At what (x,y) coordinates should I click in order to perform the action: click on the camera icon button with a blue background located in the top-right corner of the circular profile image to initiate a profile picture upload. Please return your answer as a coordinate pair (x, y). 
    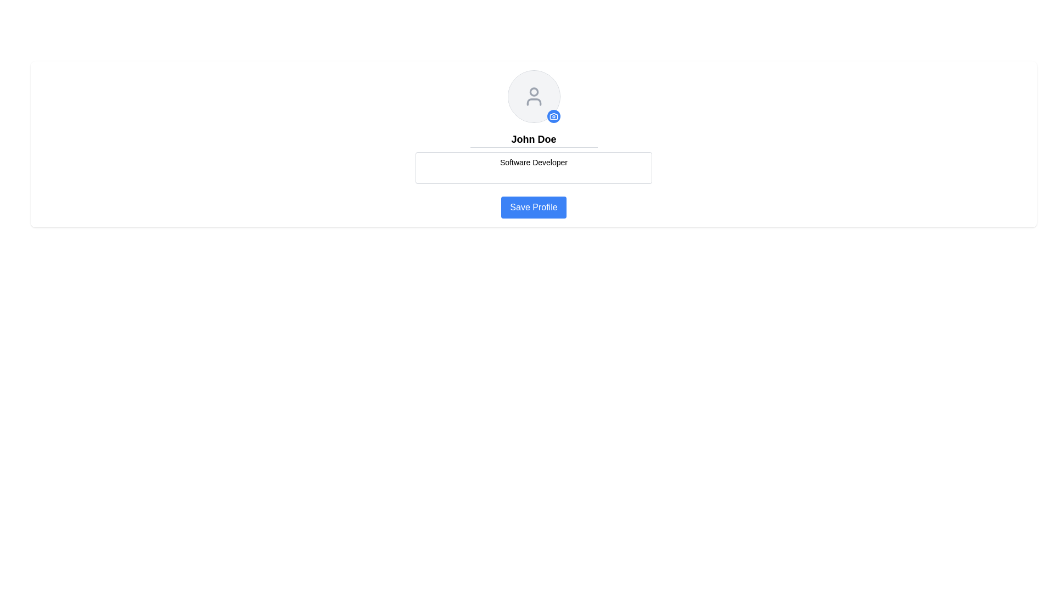
    Looking at the image, I should click on (553, 116).